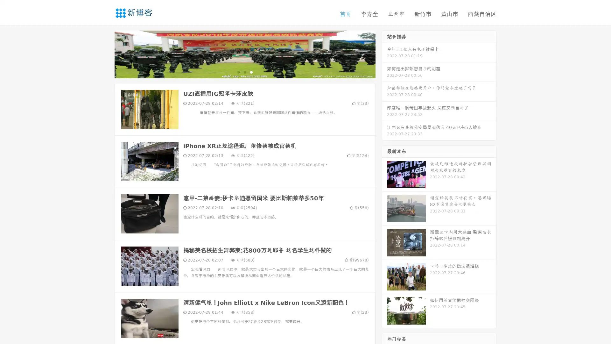  What do you see at coordinates (238, 72) in the screenshot?
I see `Go to slide 1` at bounding box center [238, 72].